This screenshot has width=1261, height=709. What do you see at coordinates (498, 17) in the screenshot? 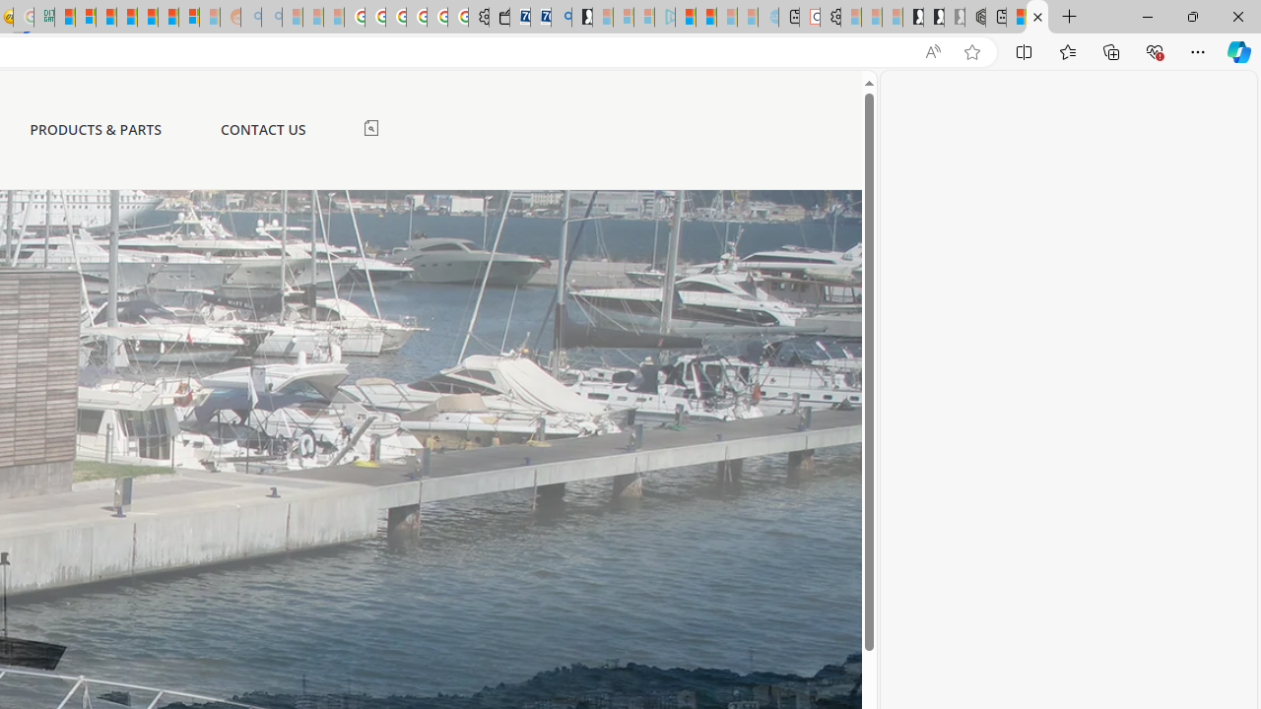
I see `'Wallet'` at bounding box center [498, 17].